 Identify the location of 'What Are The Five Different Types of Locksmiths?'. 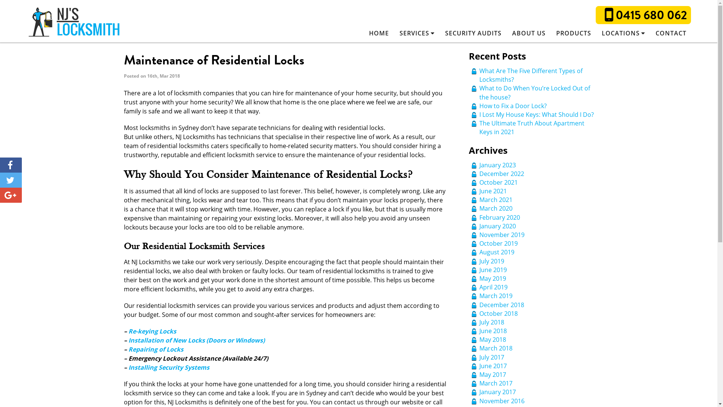
(479, 75).